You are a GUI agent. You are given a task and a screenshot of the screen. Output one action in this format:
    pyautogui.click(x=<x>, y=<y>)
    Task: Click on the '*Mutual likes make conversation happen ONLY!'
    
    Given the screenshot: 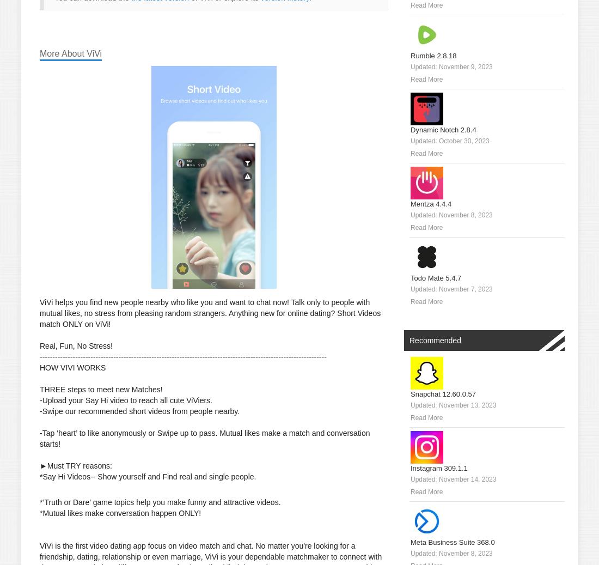 What is the action you would take?
    pyautogui.click(x=120, y=513)
    